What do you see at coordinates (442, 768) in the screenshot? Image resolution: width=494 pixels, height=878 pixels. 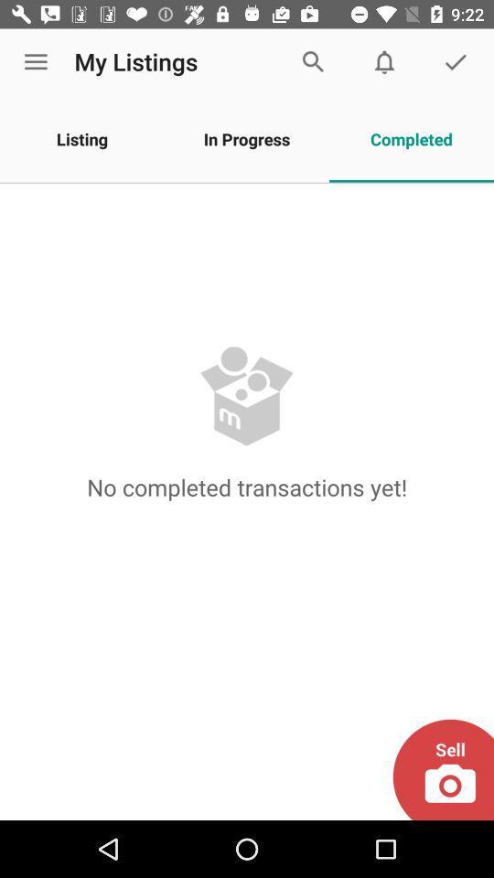 I see `sell your products by clicking on it` at bounding box center [442, 768].